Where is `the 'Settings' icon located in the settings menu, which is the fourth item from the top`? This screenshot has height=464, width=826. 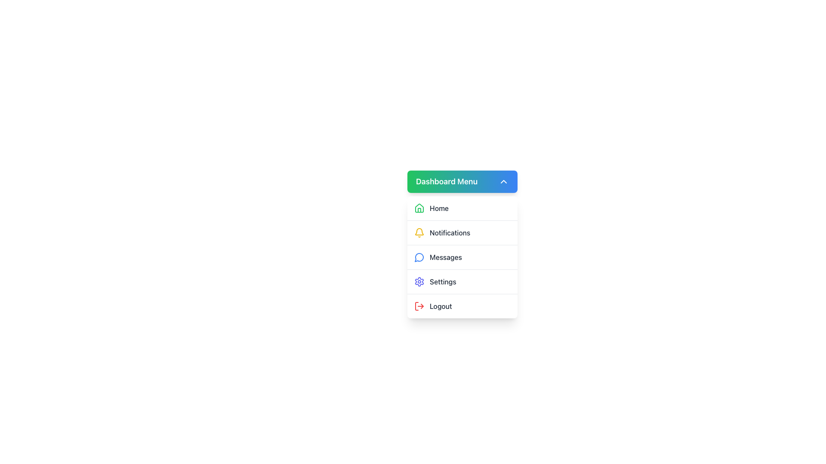 the 'Settings' icon located in the settings menu, which is the fourth item from the top is located at coordinates (419, 281).